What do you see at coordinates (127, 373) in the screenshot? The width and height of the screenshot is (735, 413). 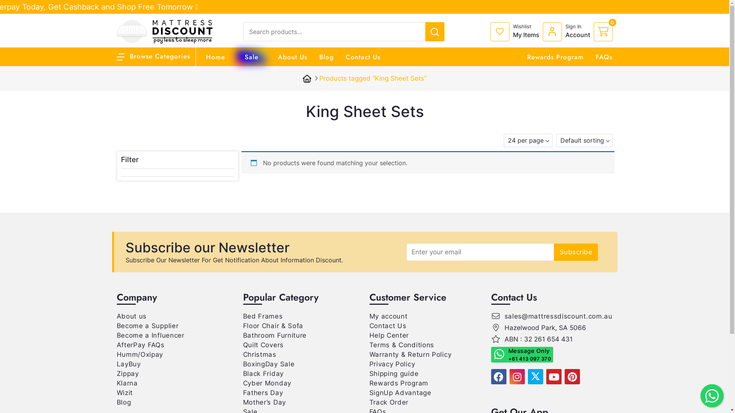 I see `'Zippay'` at bounding box center [127, 373].